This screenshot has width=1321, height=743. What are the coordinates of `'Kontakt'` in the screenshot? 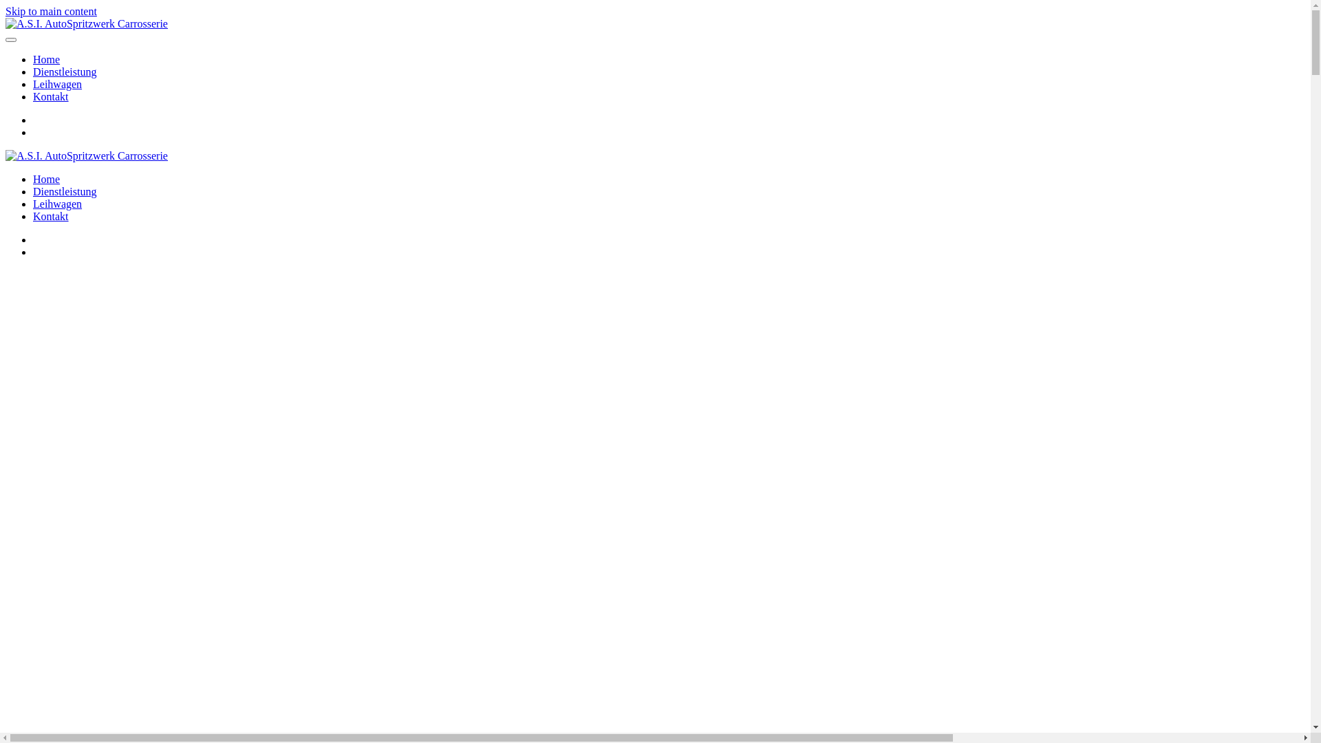 It's located at (50, 96).